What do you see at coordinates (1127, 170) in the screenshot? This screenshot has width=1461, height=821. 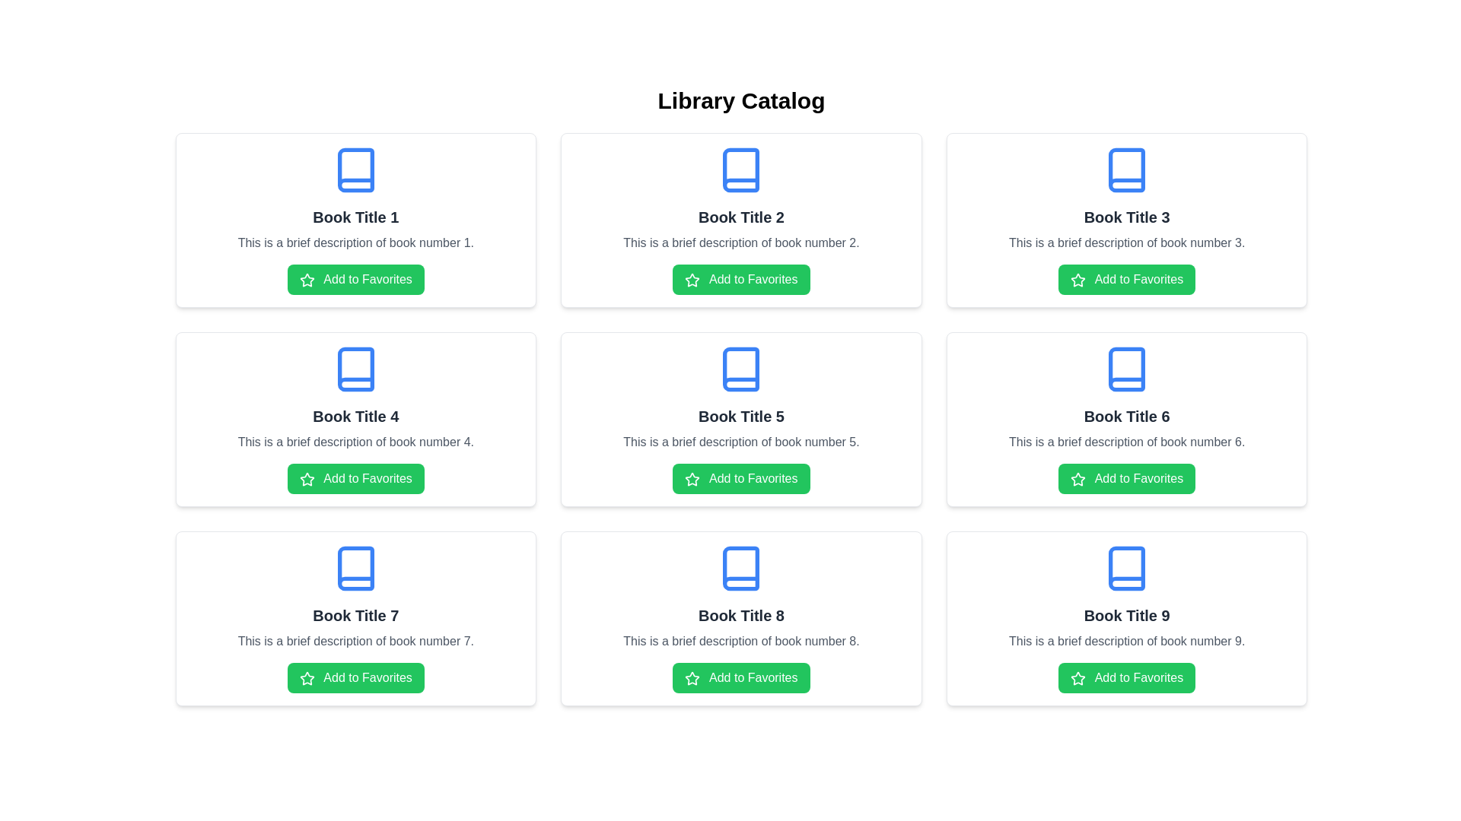 I see `the blue open book icon located in the second column of the top row in the grid layout, which is visually represented above the title 'Book Title 3'` at bounding box center [1127, 170].